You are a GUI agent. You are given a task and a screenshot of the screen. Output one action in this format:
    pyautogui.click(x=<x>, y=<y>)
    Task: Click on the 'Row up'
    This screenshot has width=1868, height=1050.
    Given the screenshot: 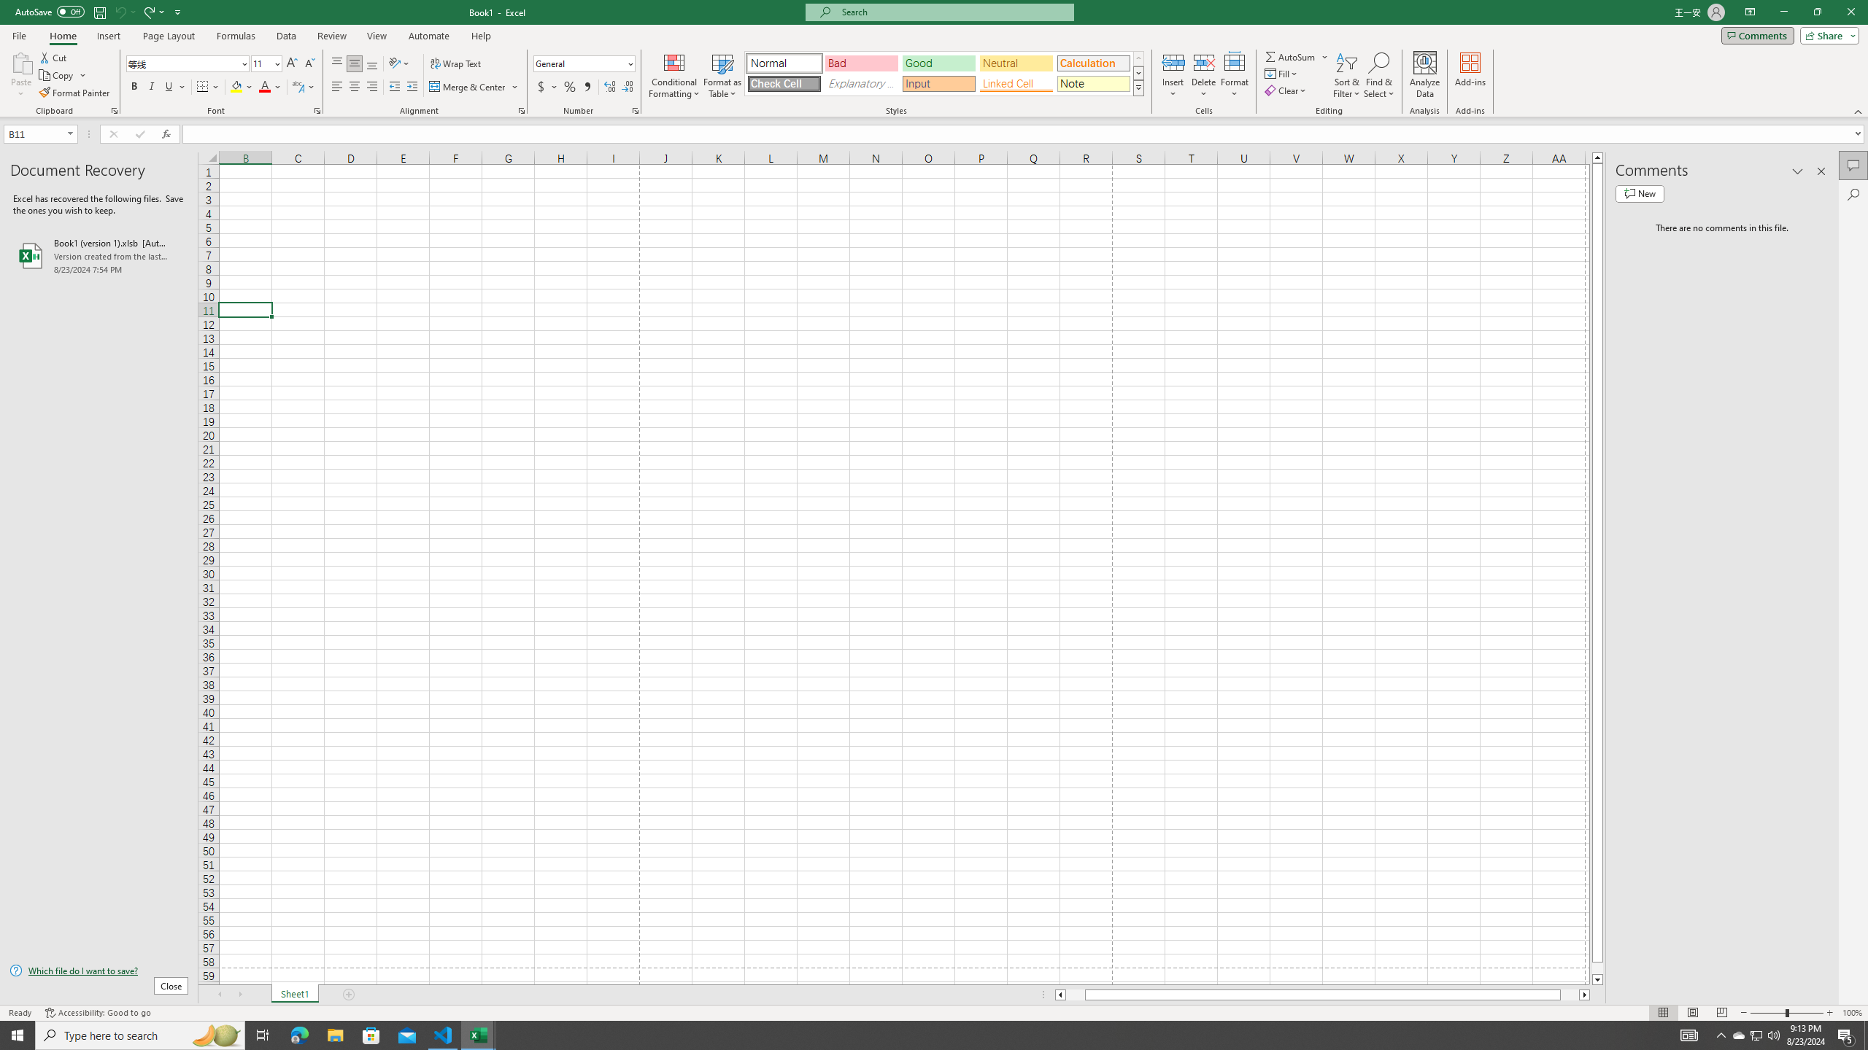 What is the action you would take?
    pyautogui.click(x=1138, y=58)
    